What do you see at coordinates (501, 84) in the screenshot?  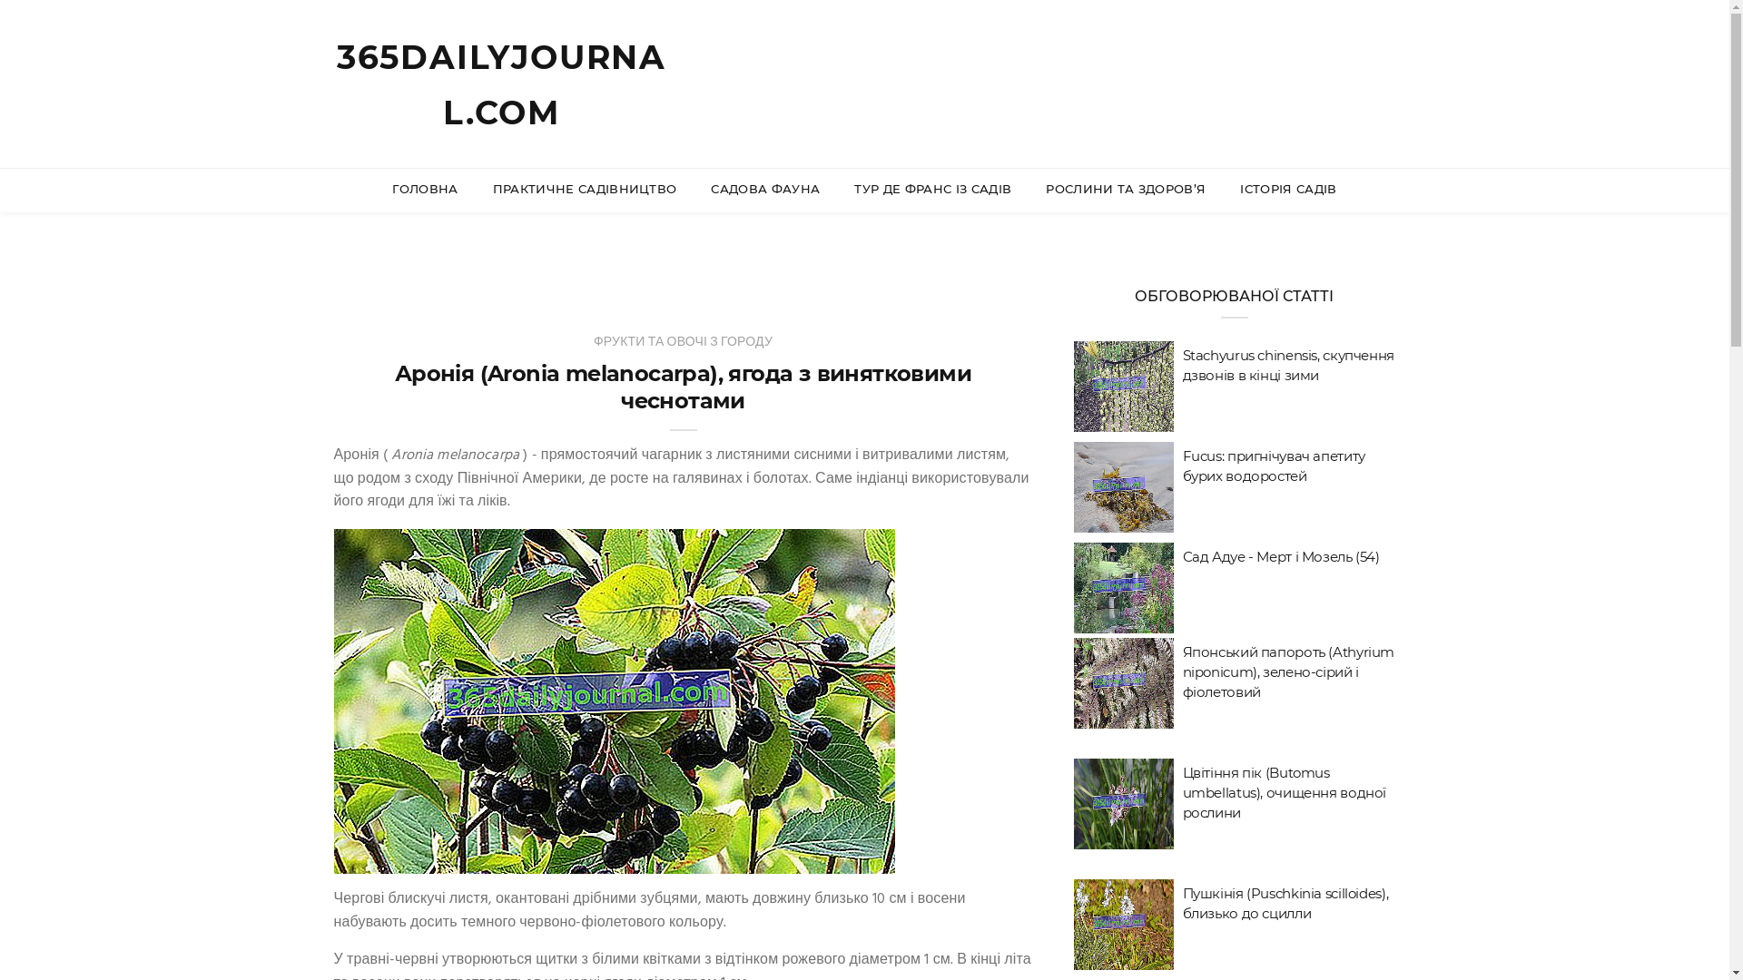 I see `'365DAILYJOURNAL.COM'` at bounding box center [501, 84].